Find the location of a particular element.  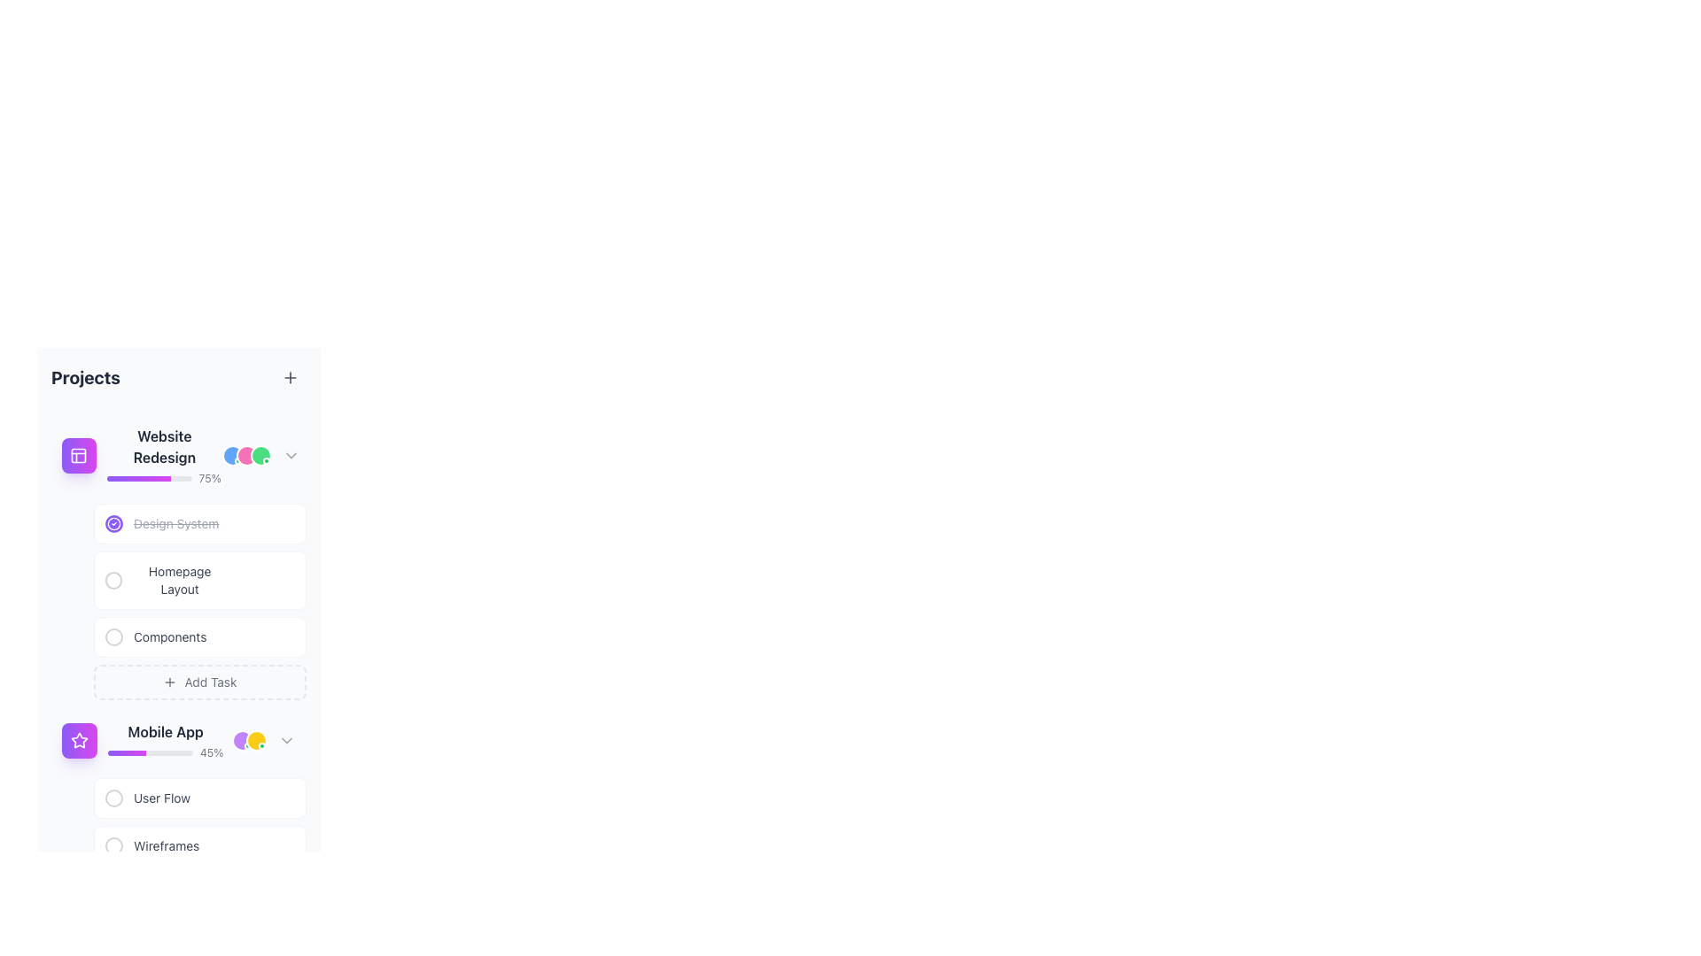

the text label indicating its completion, which is styled with a strikethrough, located under the 'Website Redesign' section and to the right of a circular checkmark icon is located at coordinates (176, 522).